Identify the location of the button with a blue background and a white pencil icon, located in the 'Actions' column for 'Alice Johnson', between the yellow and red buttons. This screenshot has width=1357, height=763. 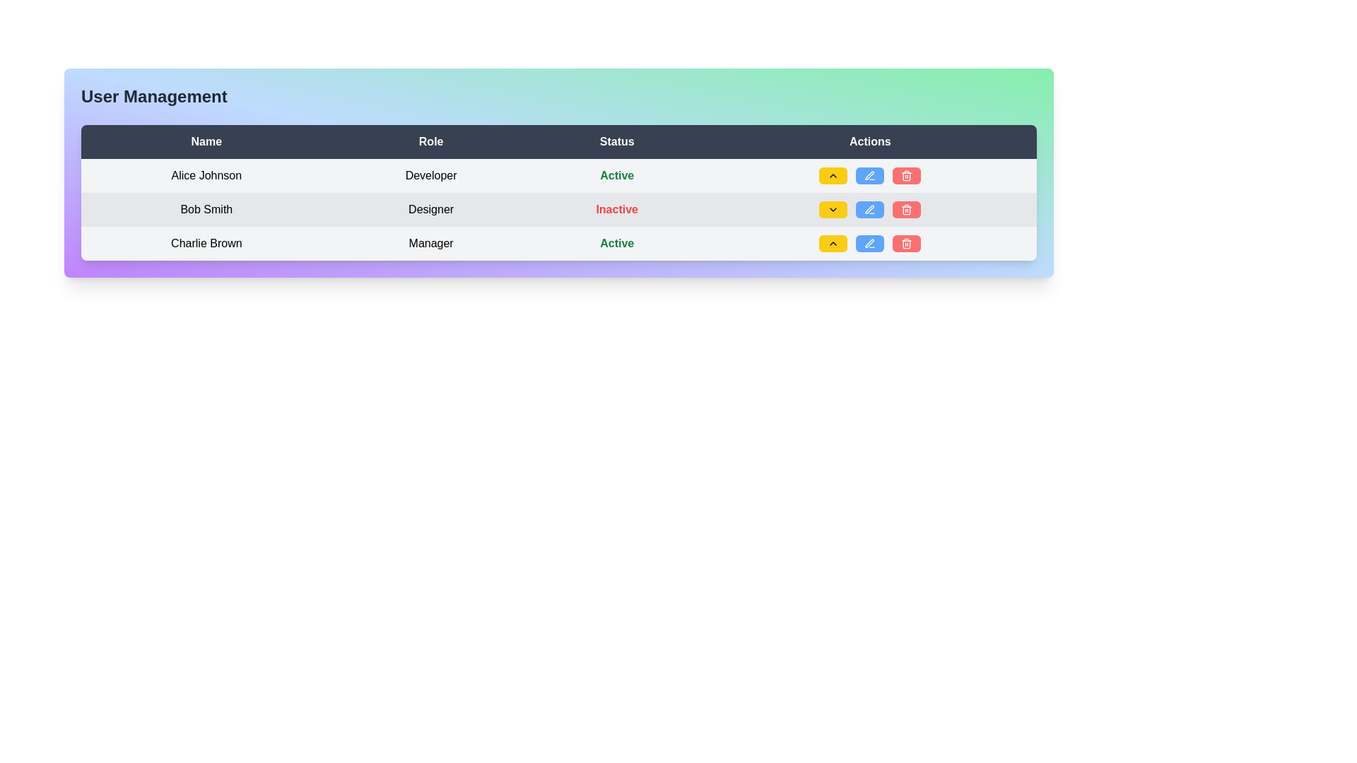
(869, 175).